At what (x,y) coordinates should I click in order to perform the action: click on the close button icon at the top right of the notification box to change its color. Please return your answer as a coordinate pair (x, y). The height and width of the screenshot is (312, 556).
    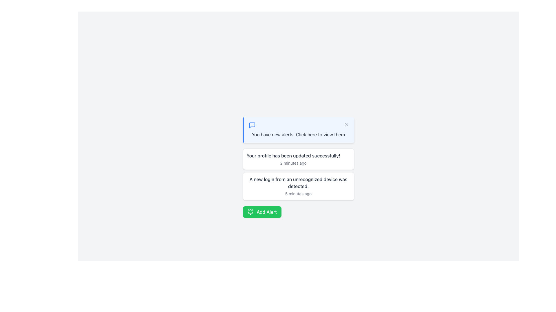
    Looking at the image, I should click on (346, 125).